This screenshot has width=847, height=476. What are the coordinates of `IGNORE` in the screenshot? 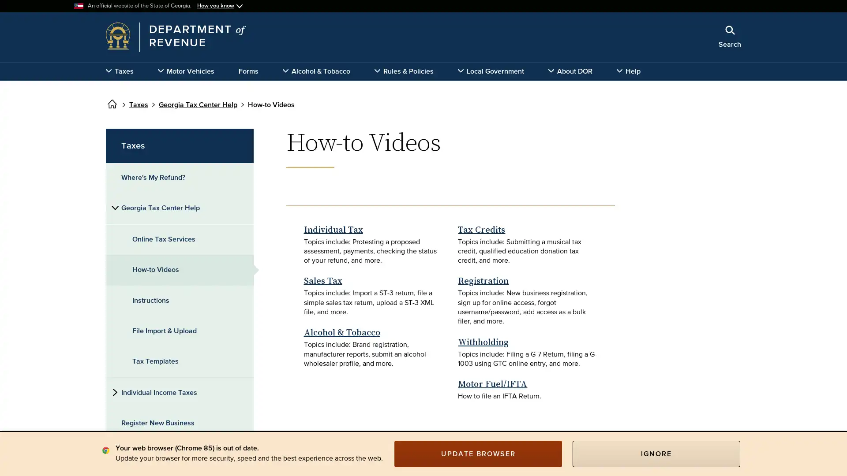 It's located at (656, 454).